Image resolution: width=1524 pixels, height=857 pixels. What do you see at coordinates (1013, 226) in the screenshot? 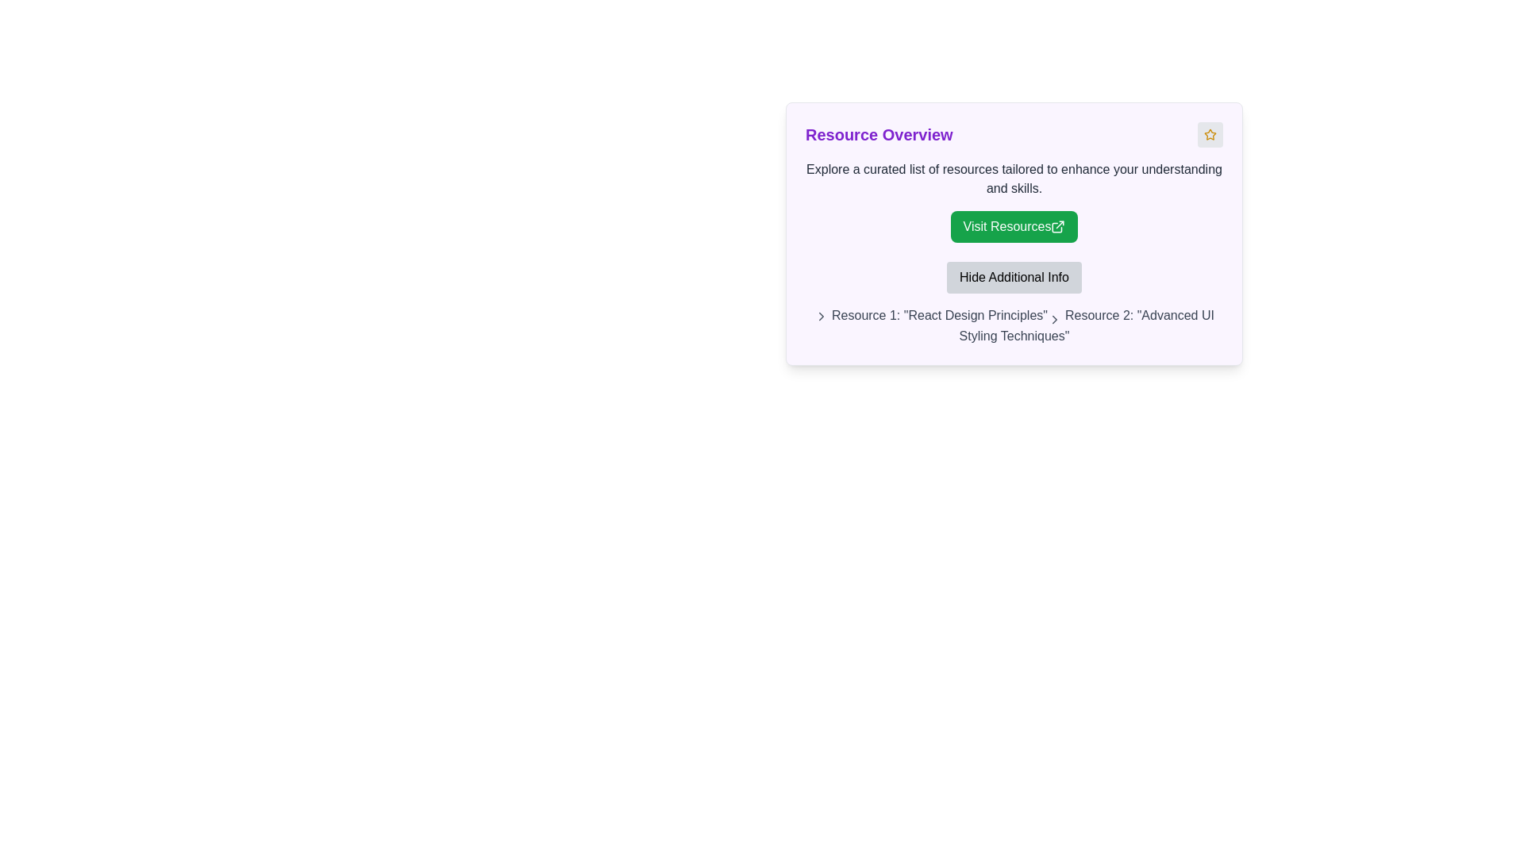
I see `the 'Visit Resources' button, which is a bright green rectangular button with rounded corners and white text, located in the 'Resource Overview' panel` at bounding box center [1013, 226].